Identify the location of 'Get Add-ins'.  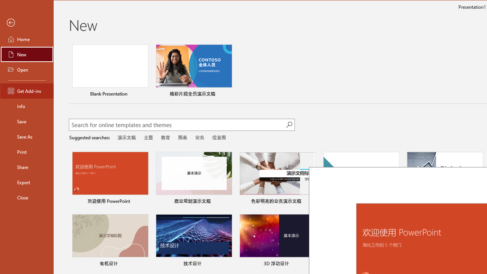
(27, 91).